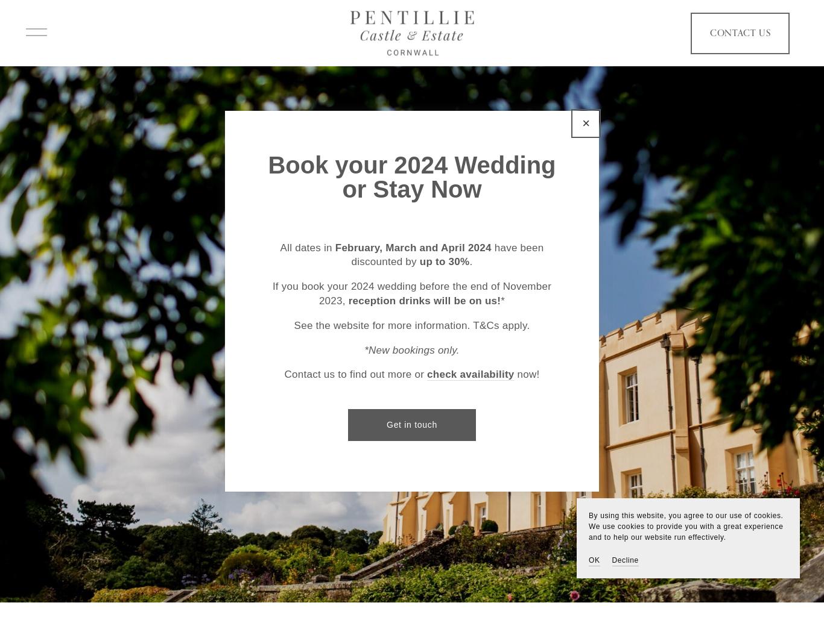 The height and width of the screenshot is (635, 824). I want to click on 'EXPLORE BY VIDEO', so click(412, 395).